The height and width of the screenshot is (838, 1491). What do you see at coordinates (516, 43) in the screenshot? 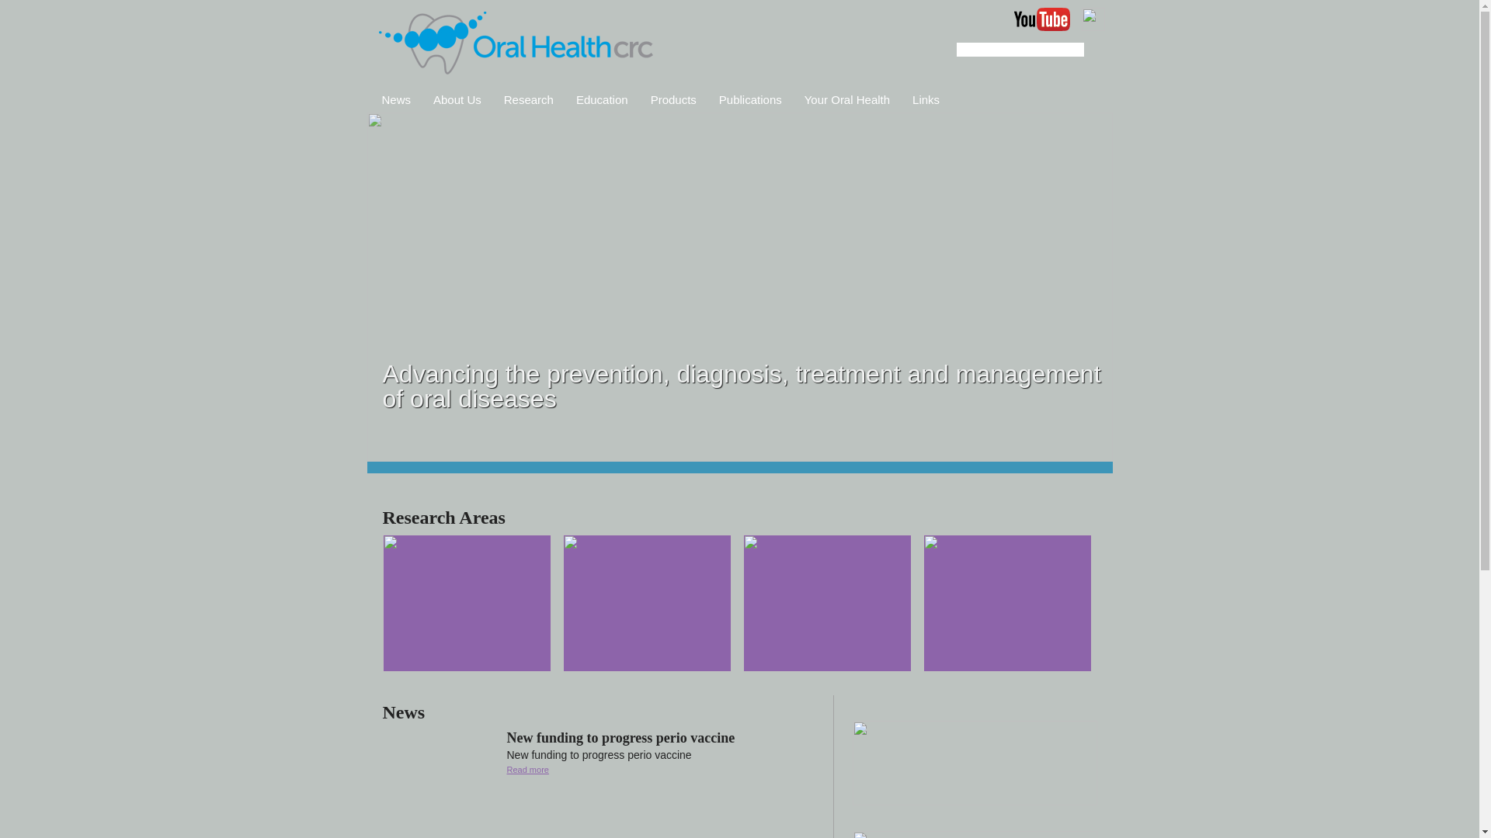
I see `'Home'` at bounding box center [516, 43].